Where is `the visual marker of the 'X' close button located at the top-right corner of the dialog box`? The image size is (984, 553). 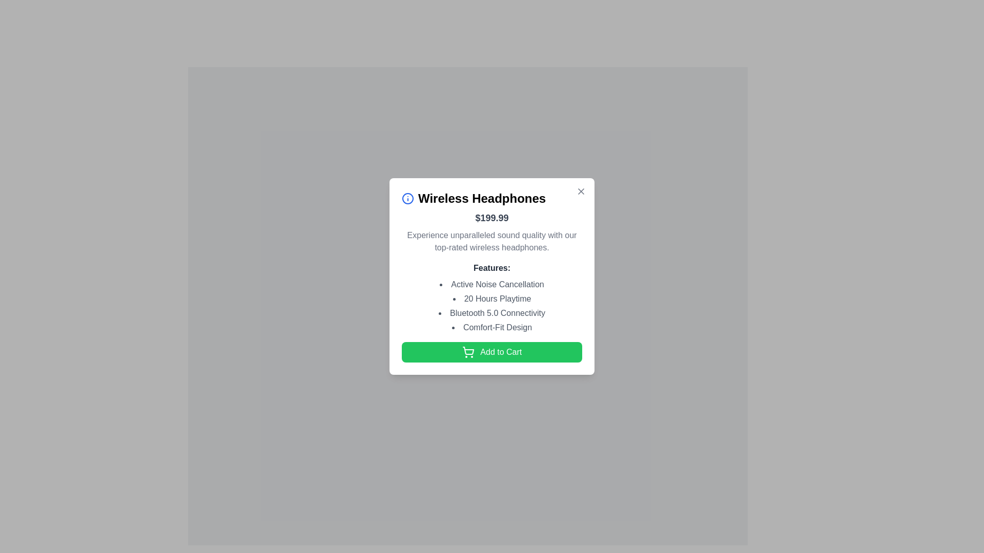 the visual marker of the 'X' close button located at the top-right corner of the dialog box is located at coordinates (581, 191).